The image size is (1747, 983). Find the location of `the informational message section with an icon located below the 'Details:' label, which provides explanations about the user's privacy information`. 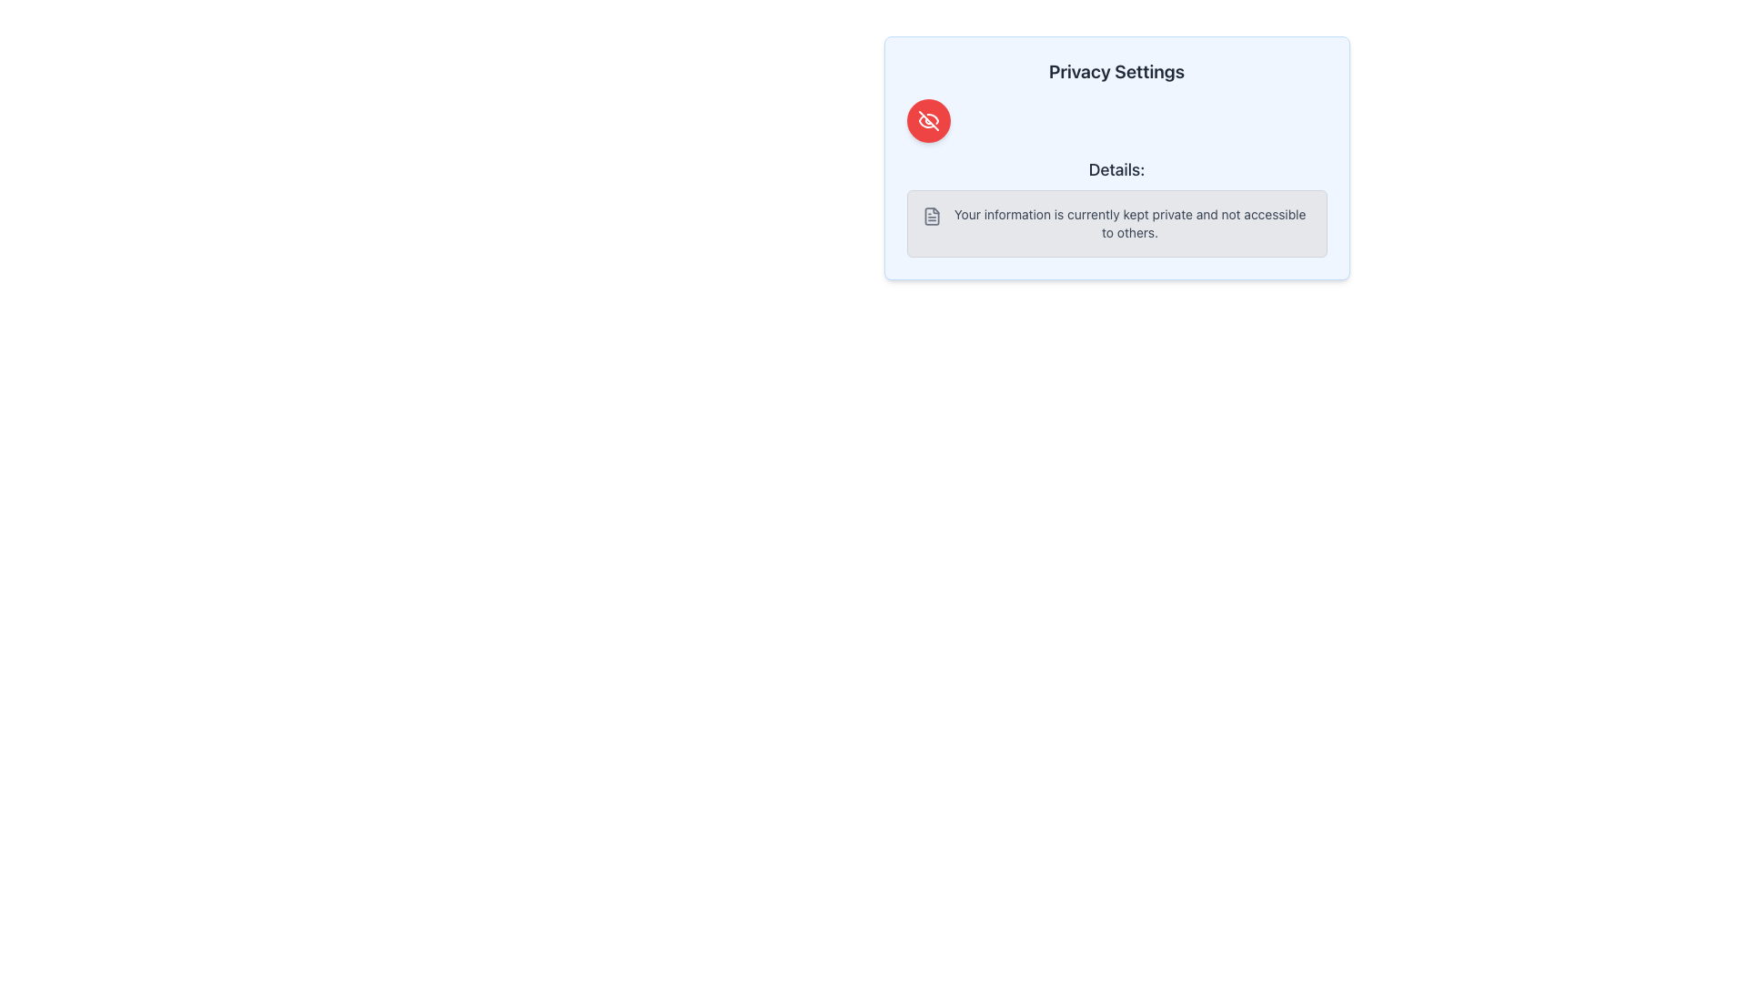

the informational message section with an icon located below the 'Details:' label, which provides explanations about the user's privacy information is located at coordinates (1116, 223).